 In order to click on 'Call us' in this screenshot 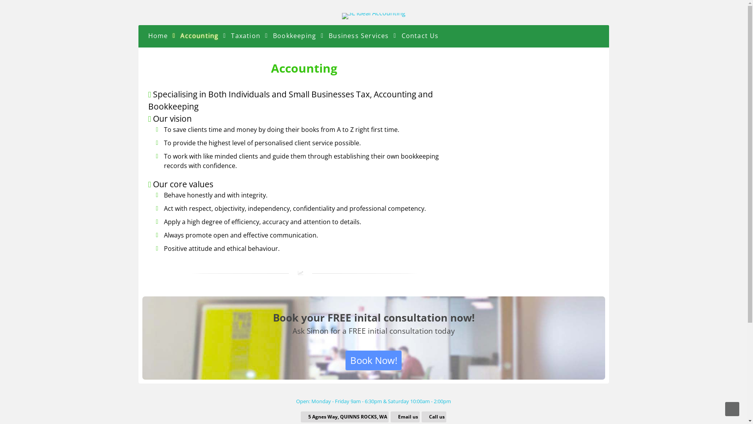, I will do `click(433, 416)`.